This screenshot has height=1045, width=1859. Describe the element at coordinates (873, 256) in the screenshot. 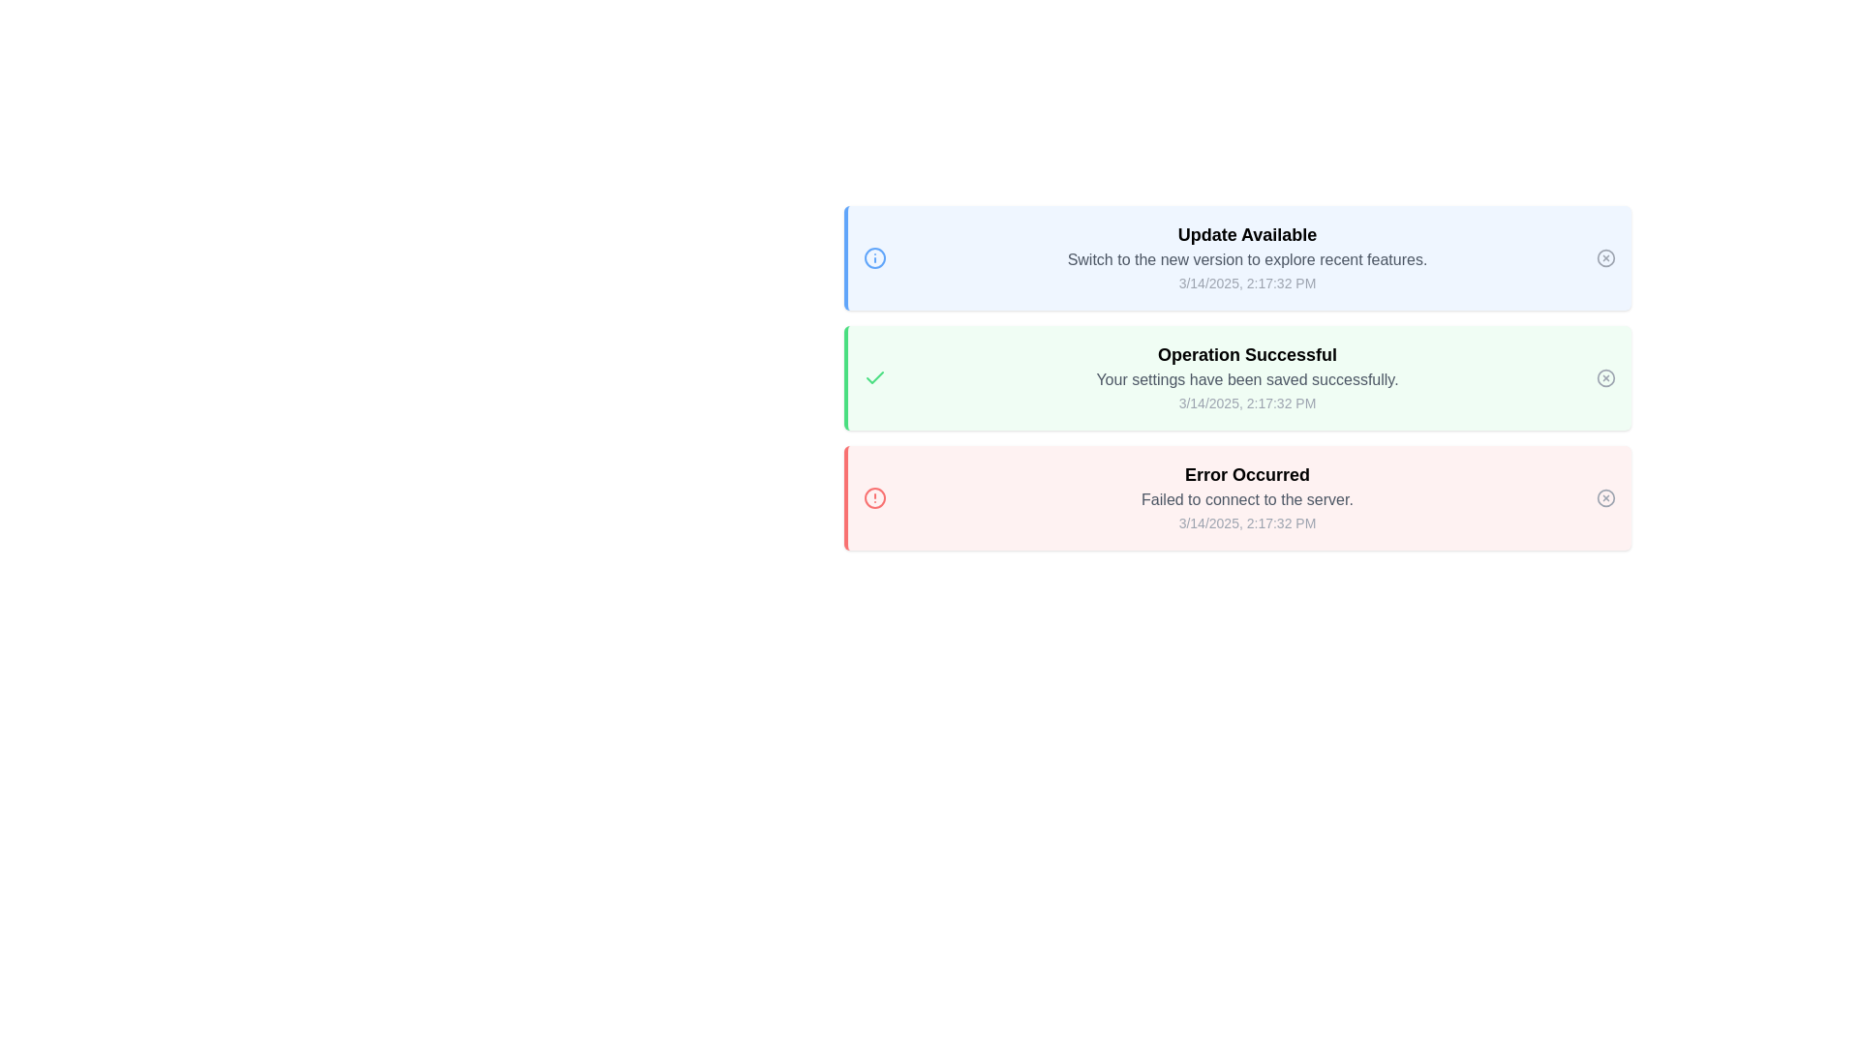

I see `the icon located at the very left of the blue notification box labeled 'Update Available', which signifies that the box contains informational content` at that location.